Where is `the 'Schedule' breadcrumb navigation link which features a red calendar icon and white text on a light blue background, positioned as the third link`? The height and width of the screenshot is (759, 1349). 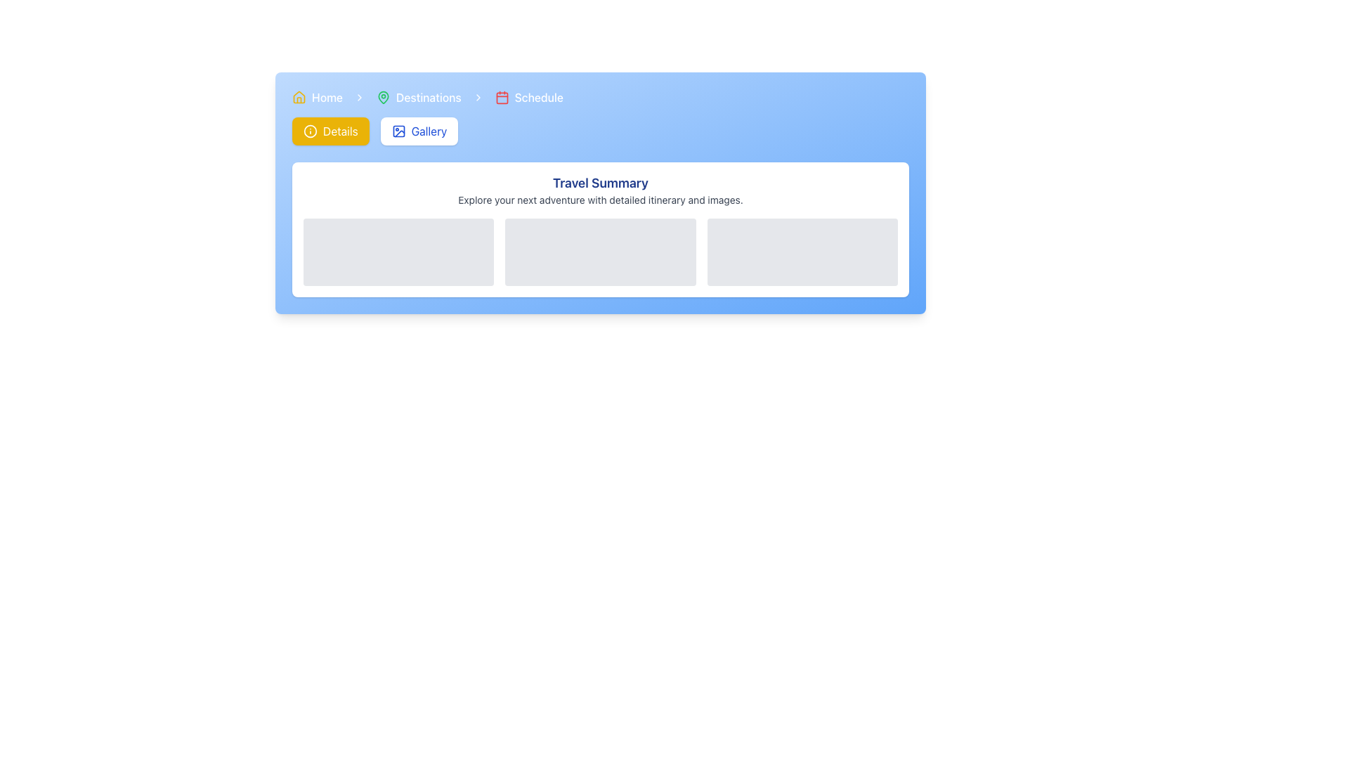
the 'Schedule' breadcrumb navigation link which features a red calendar icon and white text on a light blue background, positioned as the third link is located at coordinates (528, 96).